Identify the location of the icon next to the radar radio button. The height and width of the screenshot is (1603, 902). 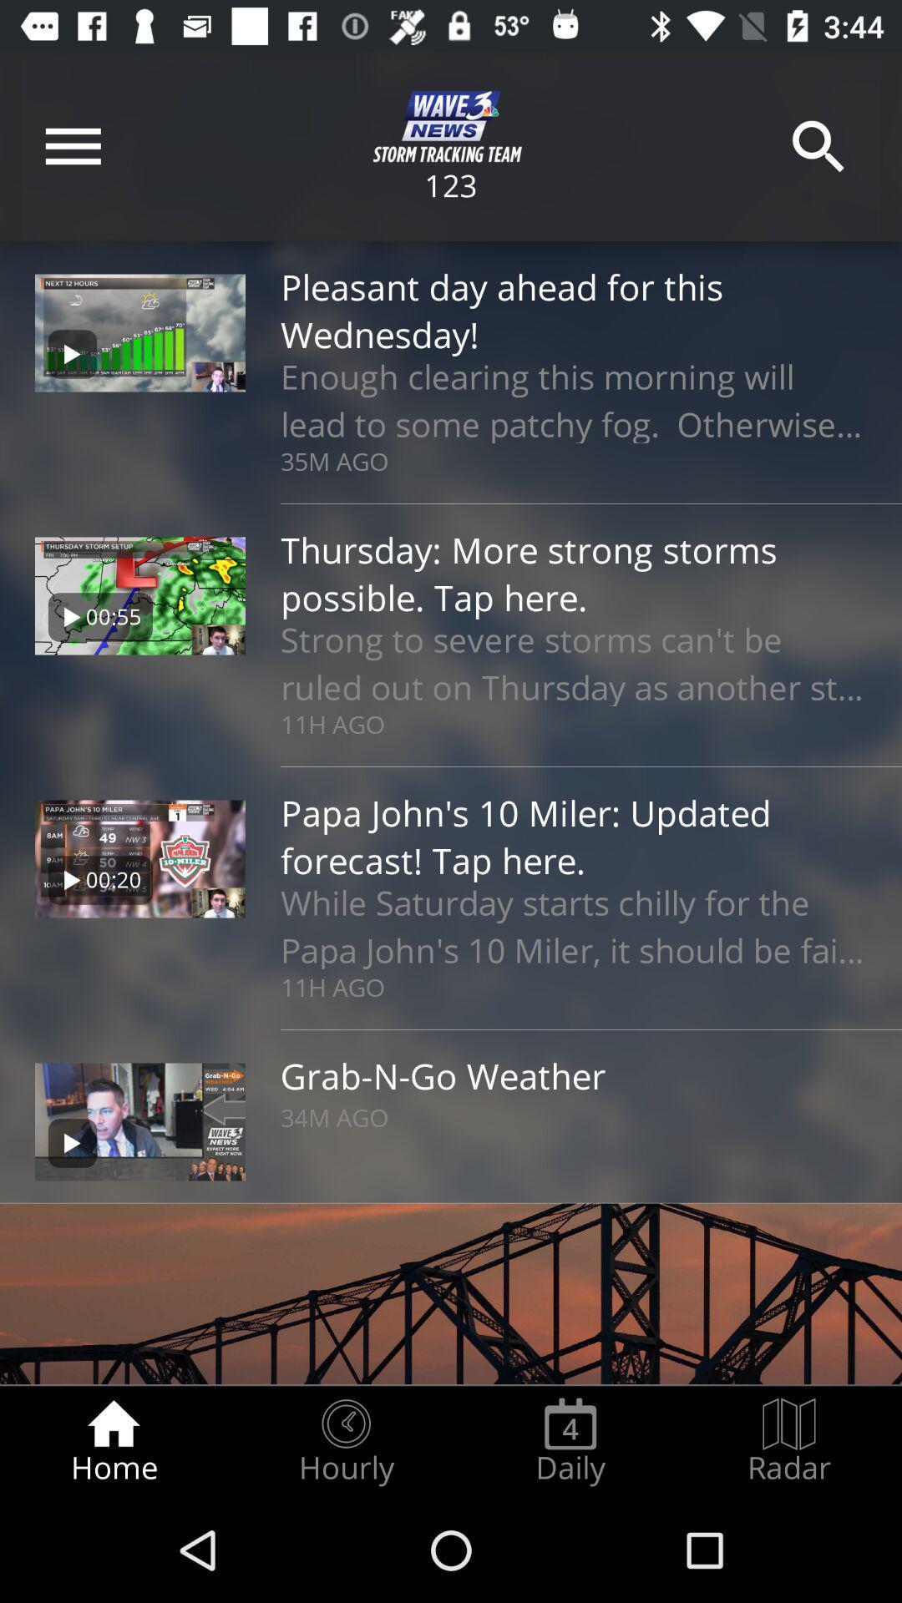
(570, 1441).